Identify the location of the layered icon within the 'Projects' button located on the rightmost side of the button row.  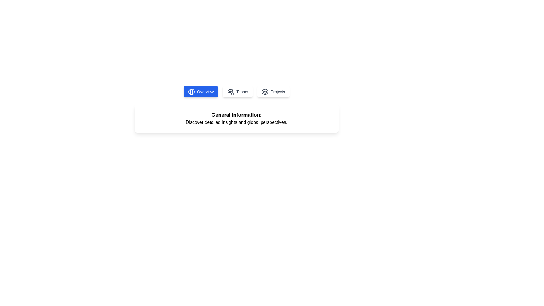
(265, 92).